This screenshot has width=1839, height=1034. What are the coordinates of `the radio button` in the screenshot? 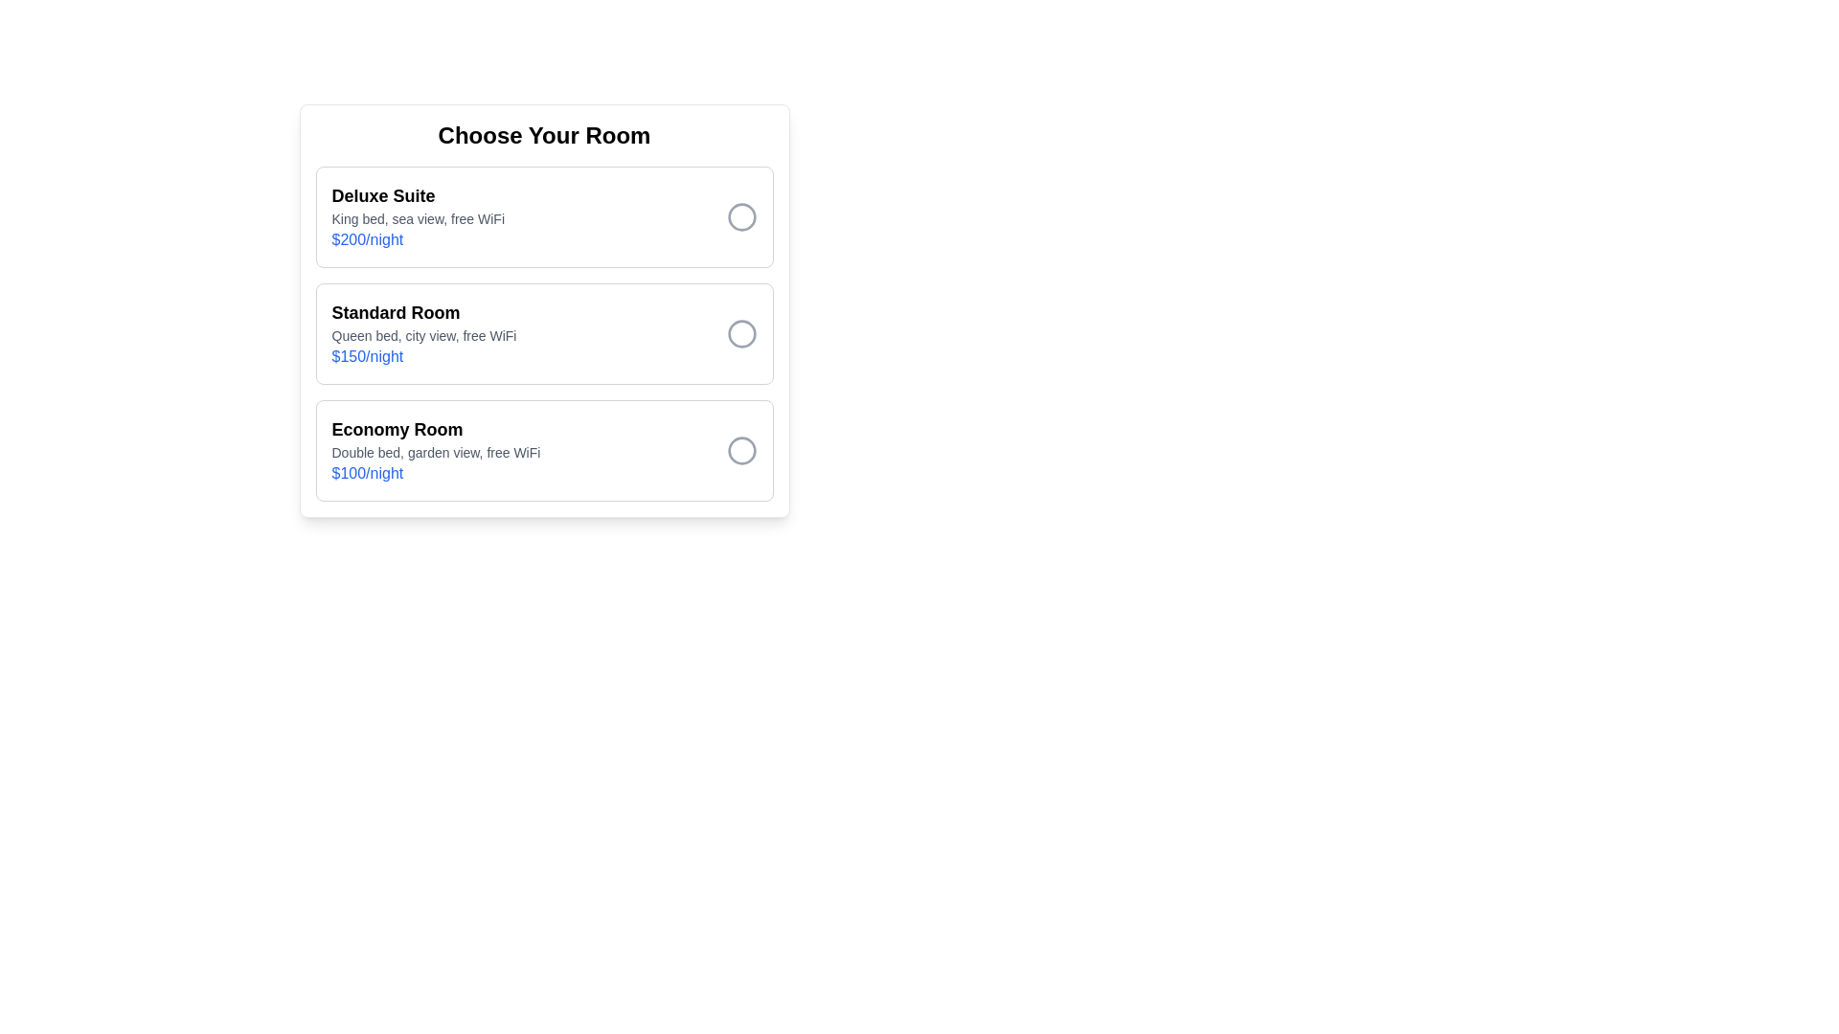 It's located at (740, 216).